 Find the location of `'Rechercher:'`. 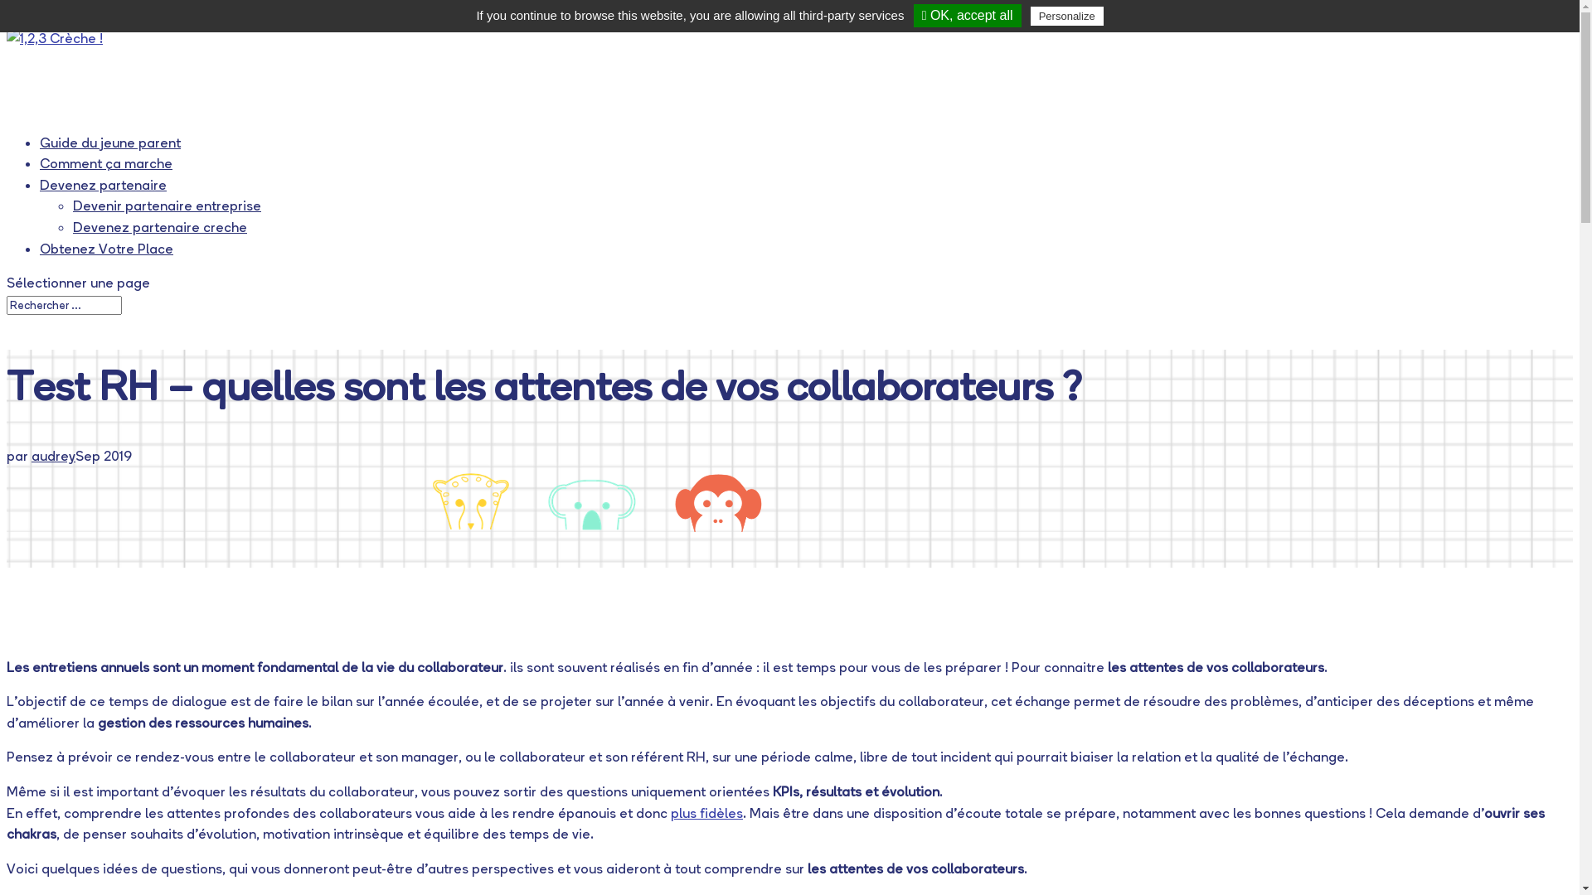

'Rechercher:' is located at coordinates (7, 305).